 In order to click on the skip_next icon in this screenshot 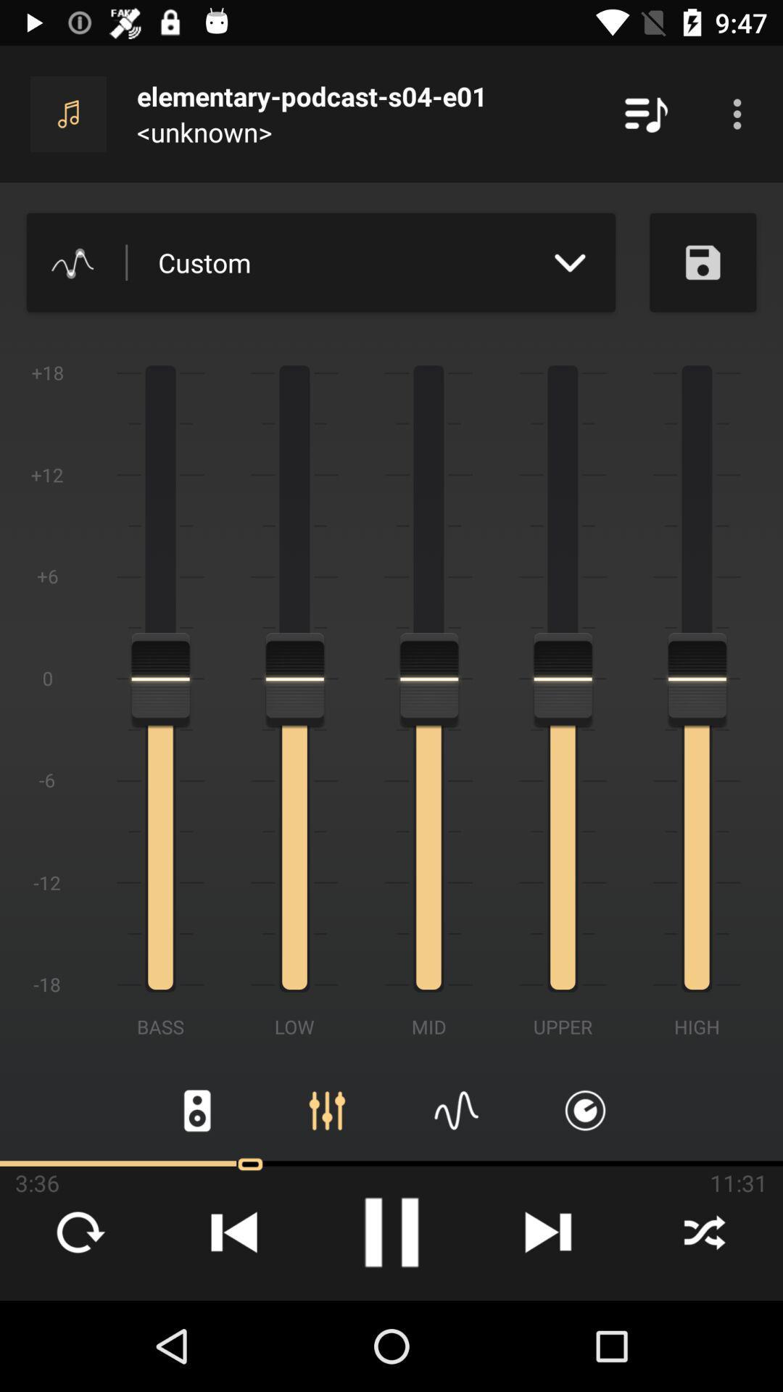, I will do `click(548, 1231)`.